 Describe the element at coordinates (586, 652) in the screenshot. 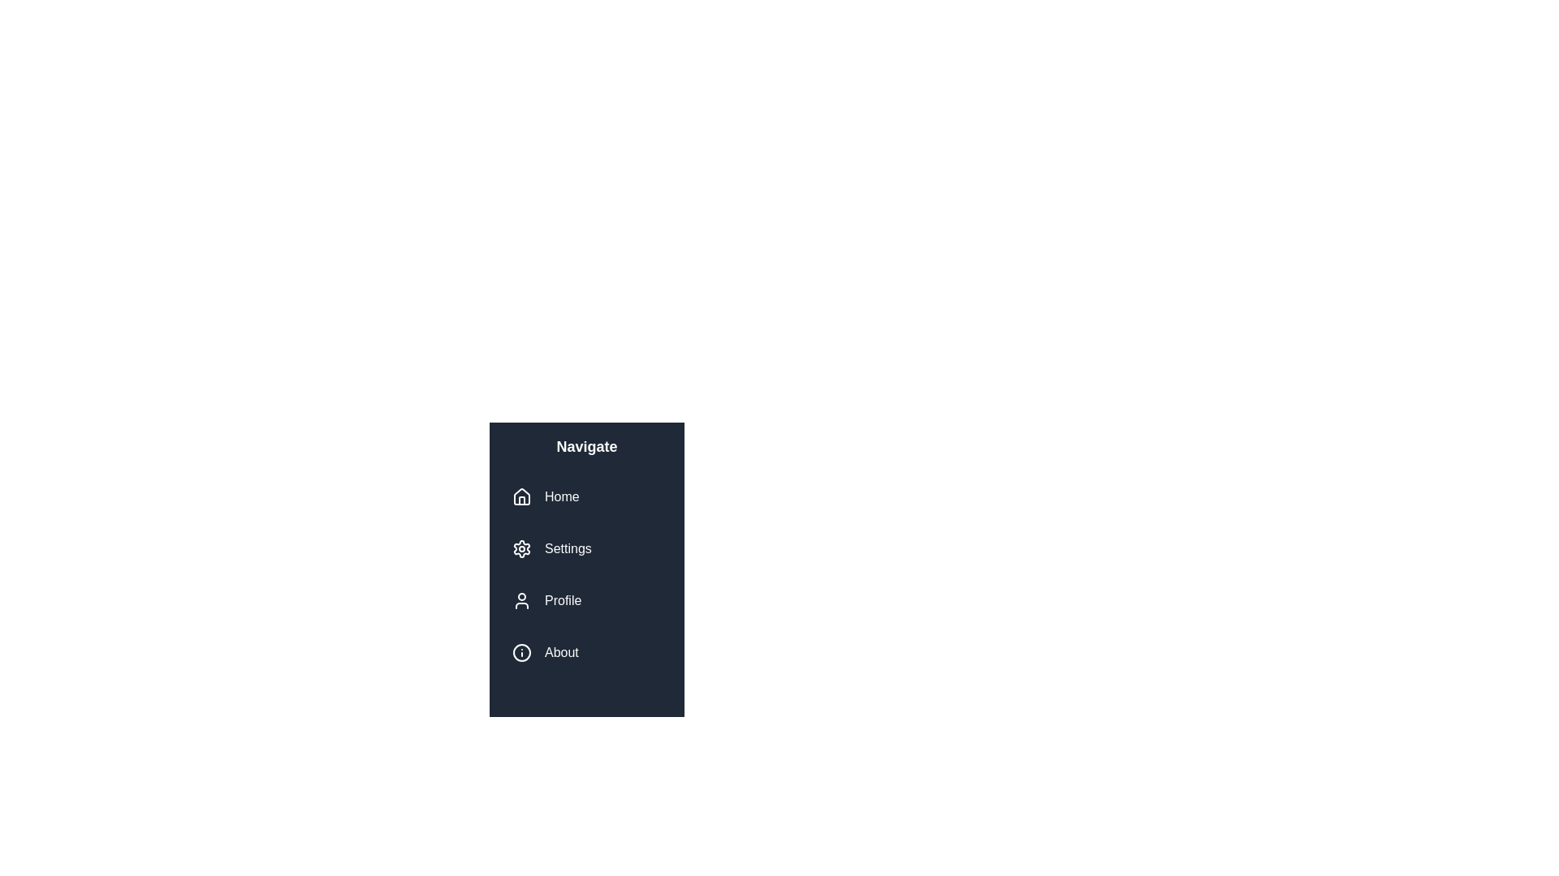

I see `the fourth button in the vertical navigation menu on the left side of the interface` at that location.